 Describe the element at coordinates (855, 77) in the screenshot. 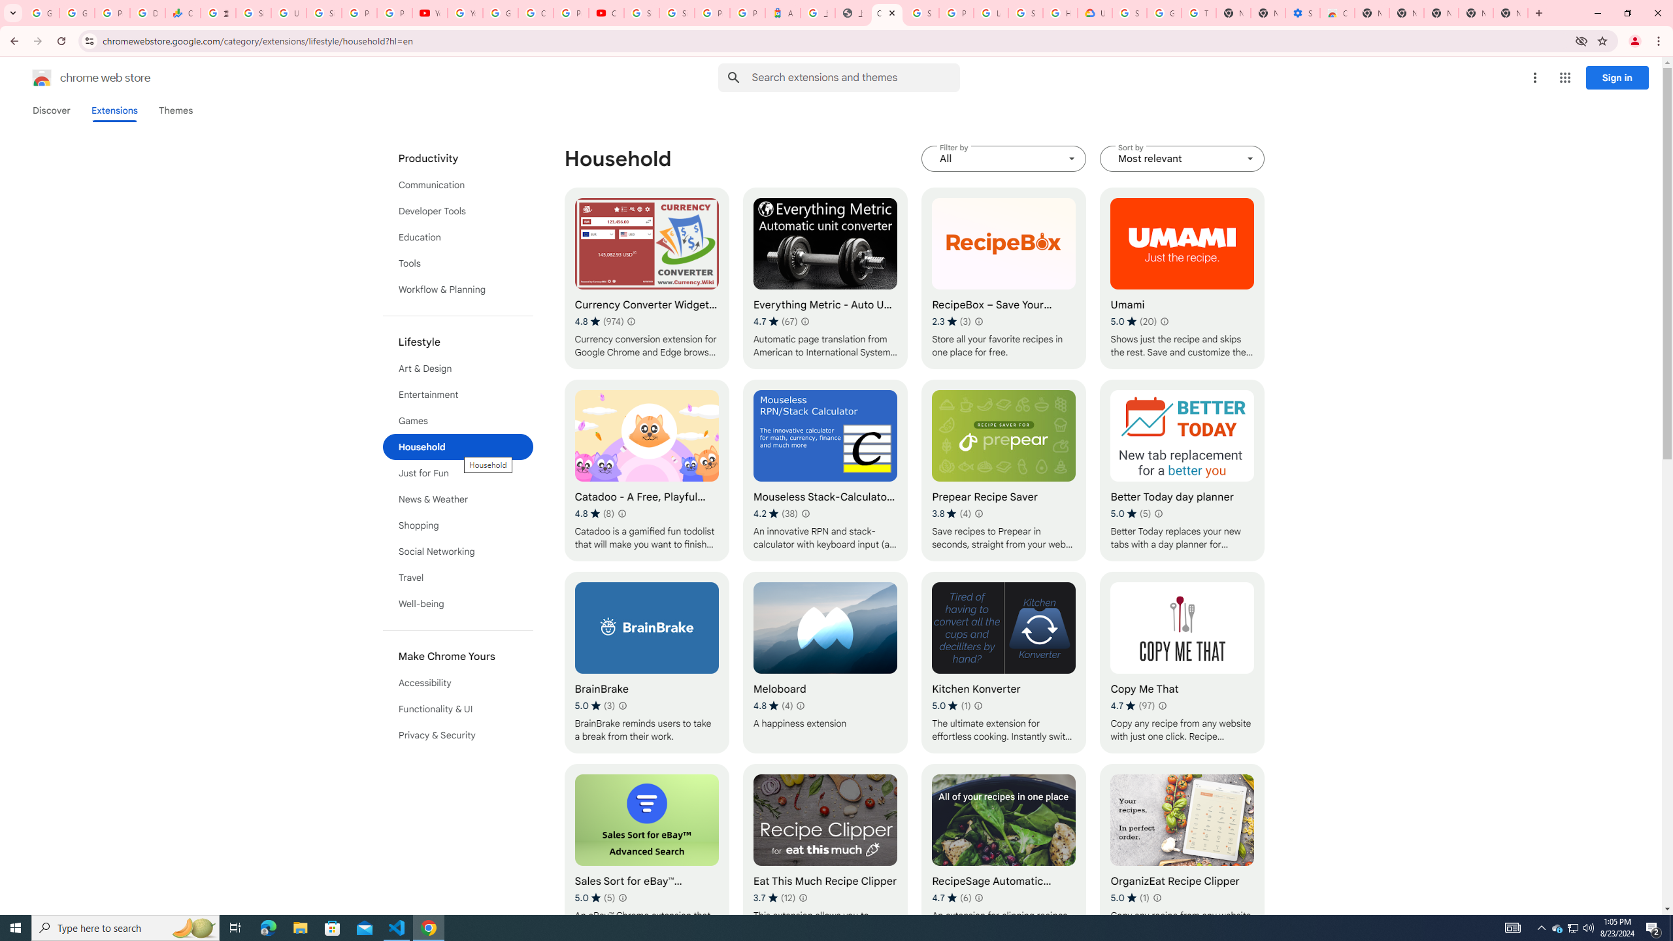

I see `'Search input'` at that location.